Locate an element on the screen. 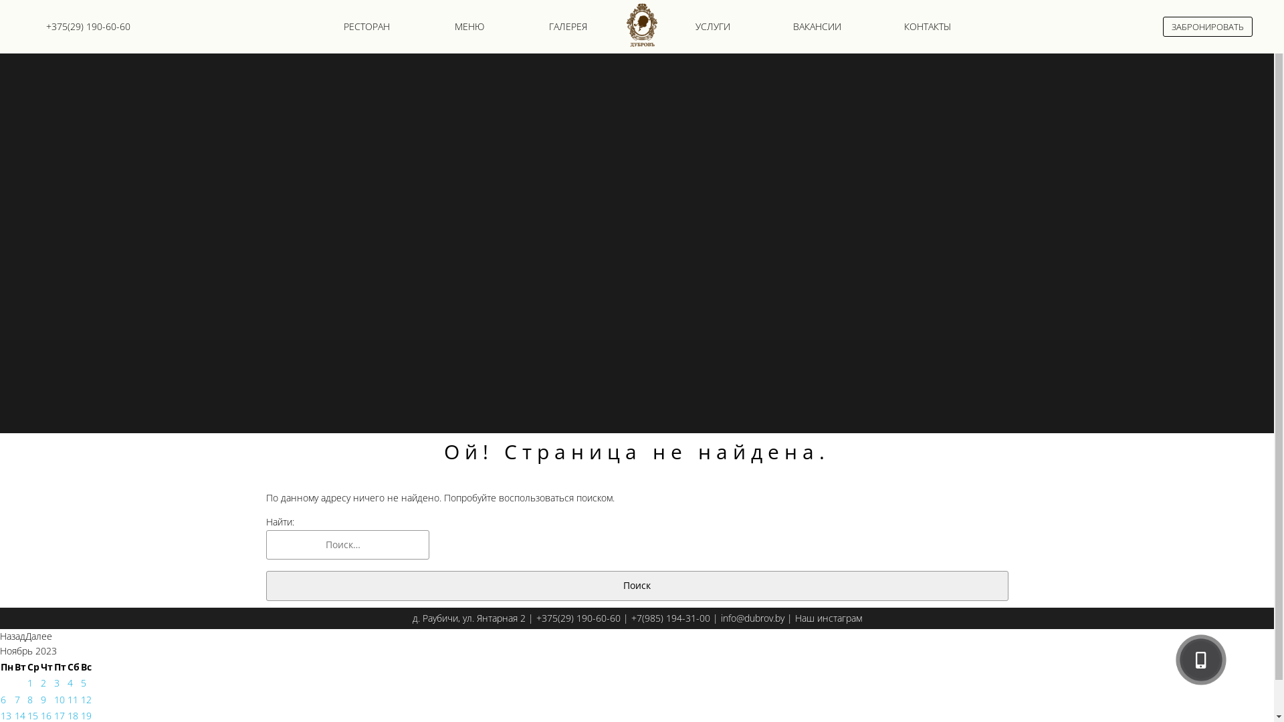 The height and width of the screenshot is (722, 1284). '12' is located at coordinates (86, 699).